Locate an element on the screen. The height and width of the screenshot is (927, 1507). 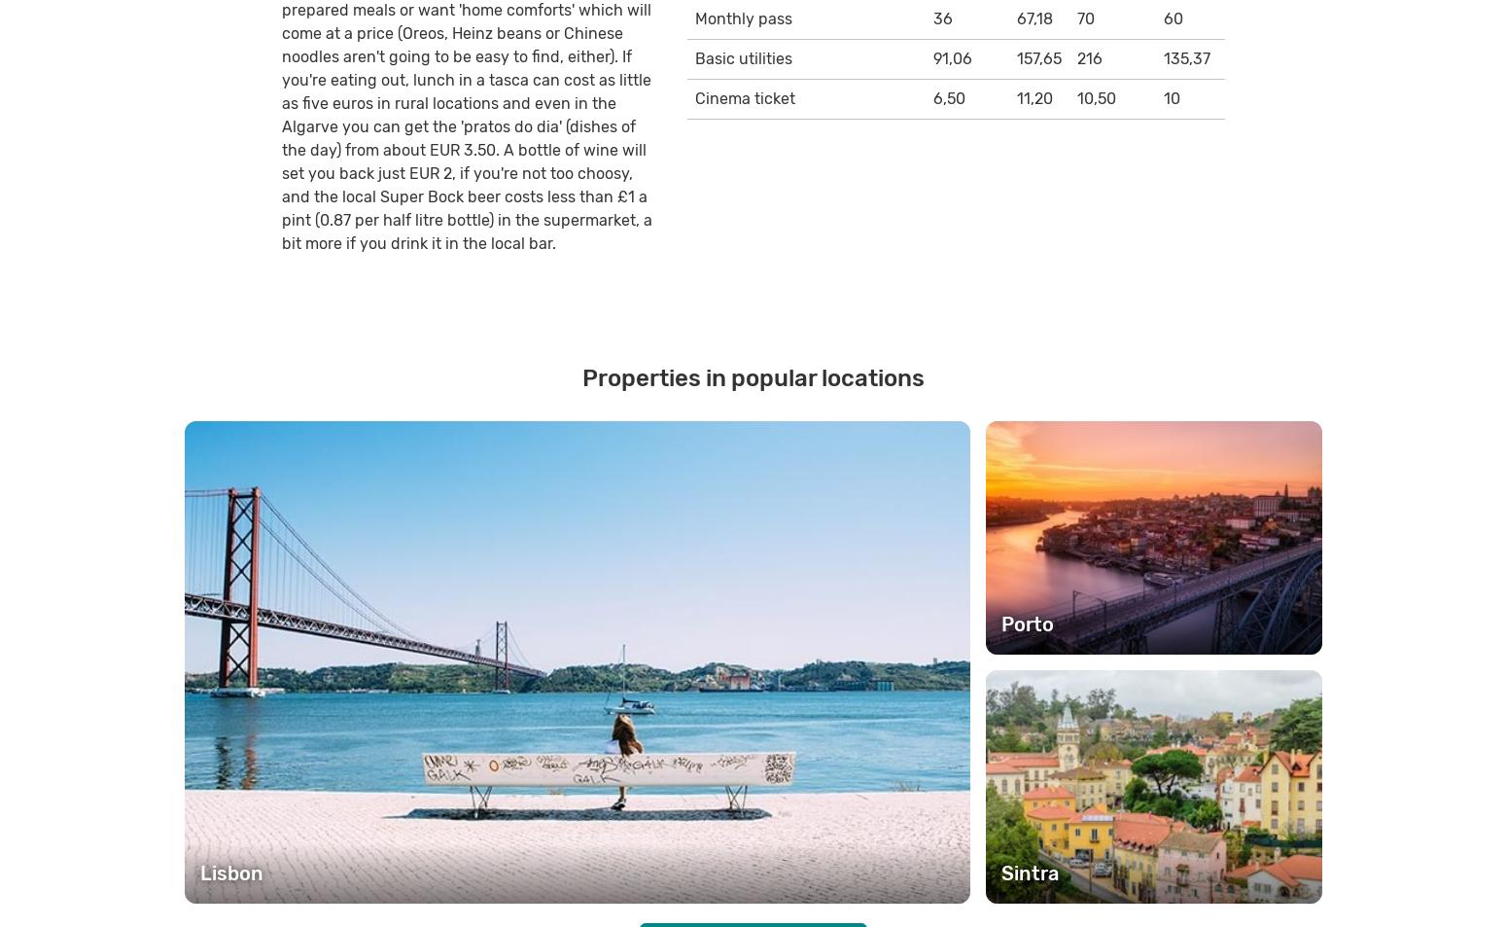
'Basic utilities' is located at coordinates (742, 56).